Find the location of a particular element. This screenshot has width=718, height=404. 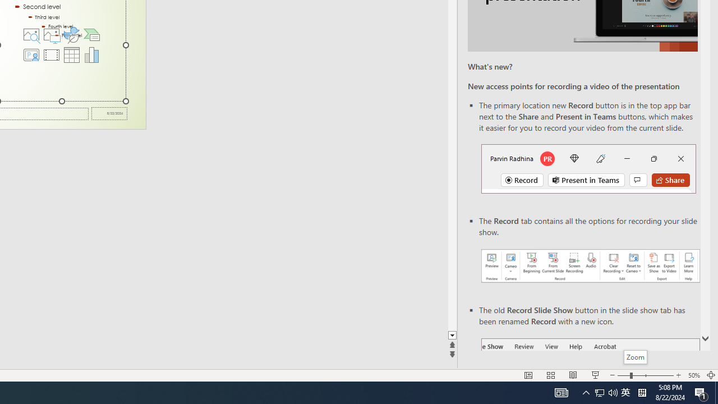

'Stock Images' is located at coordinates (31, 34).